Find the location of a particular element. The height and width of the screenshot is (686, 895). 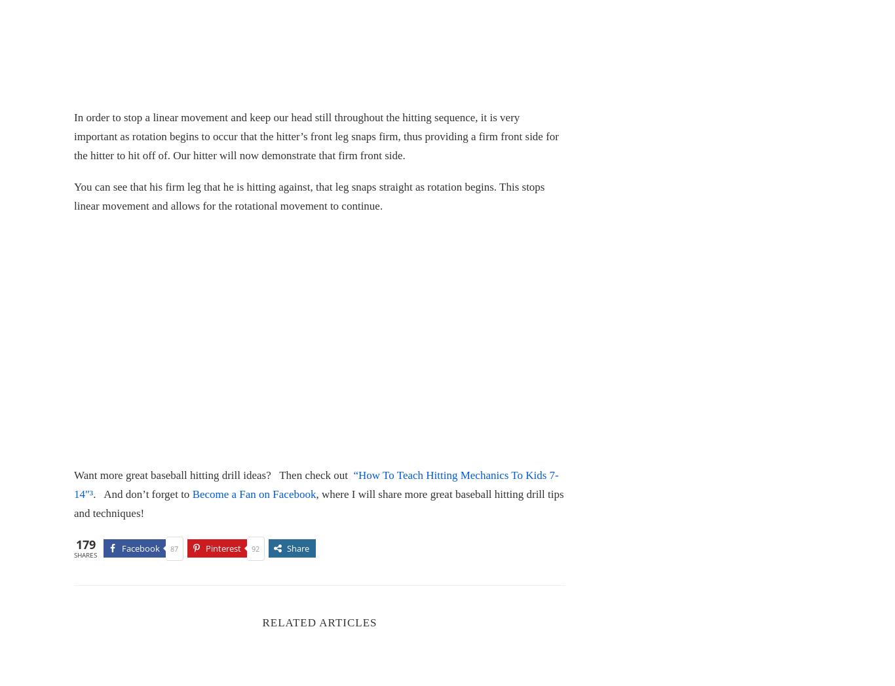

'Facebook' is located at coordinates (140, 548).